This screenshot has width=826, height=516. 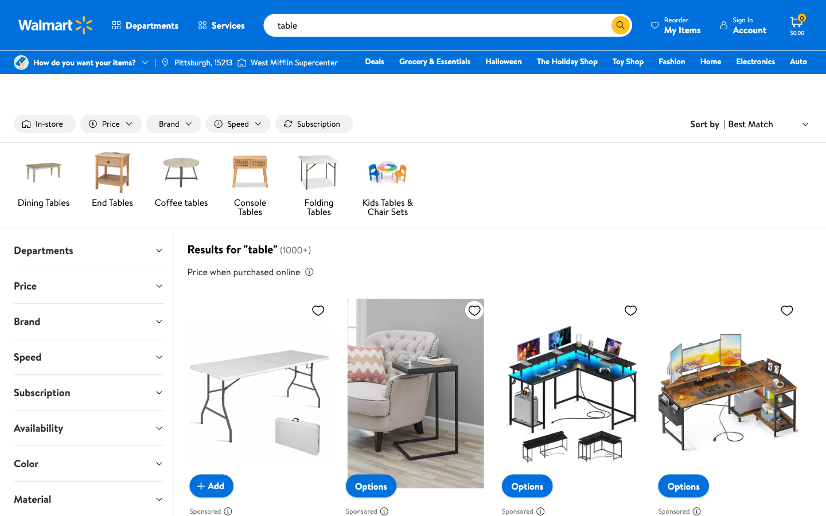 I want to click on the second choice in the "sort by" option list, so click(x=768, y=124).